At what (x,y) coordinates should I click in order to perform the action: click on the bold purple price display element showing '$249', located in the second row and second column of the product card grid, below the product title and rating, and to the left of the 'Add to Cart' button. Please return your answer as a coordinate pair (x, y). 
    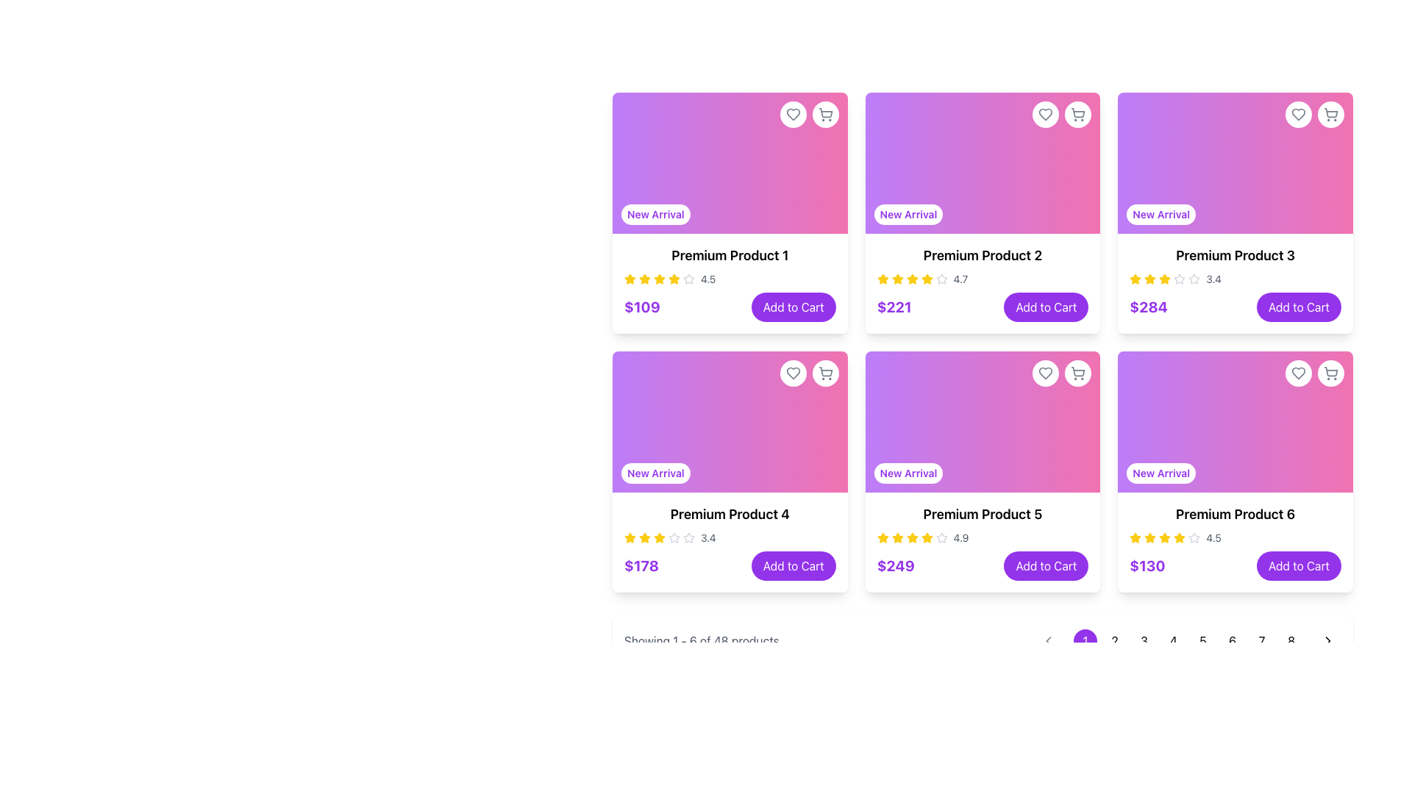
    Looking at the image, I should click on (895, 565).